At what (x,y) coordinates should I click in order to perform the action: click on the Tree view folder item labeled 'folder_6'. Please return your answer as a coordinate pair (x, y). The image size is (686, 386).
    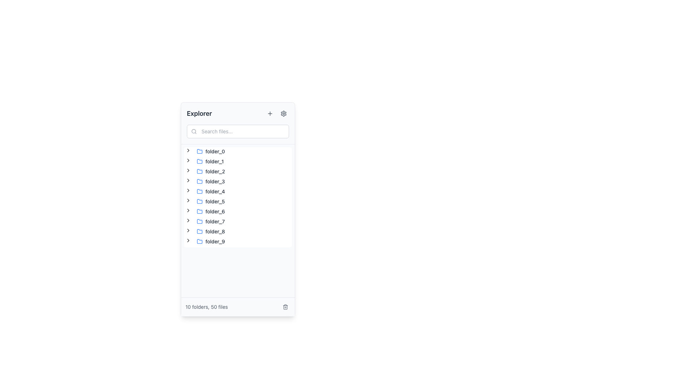
    Looking at the image, I should click on (205, 211).